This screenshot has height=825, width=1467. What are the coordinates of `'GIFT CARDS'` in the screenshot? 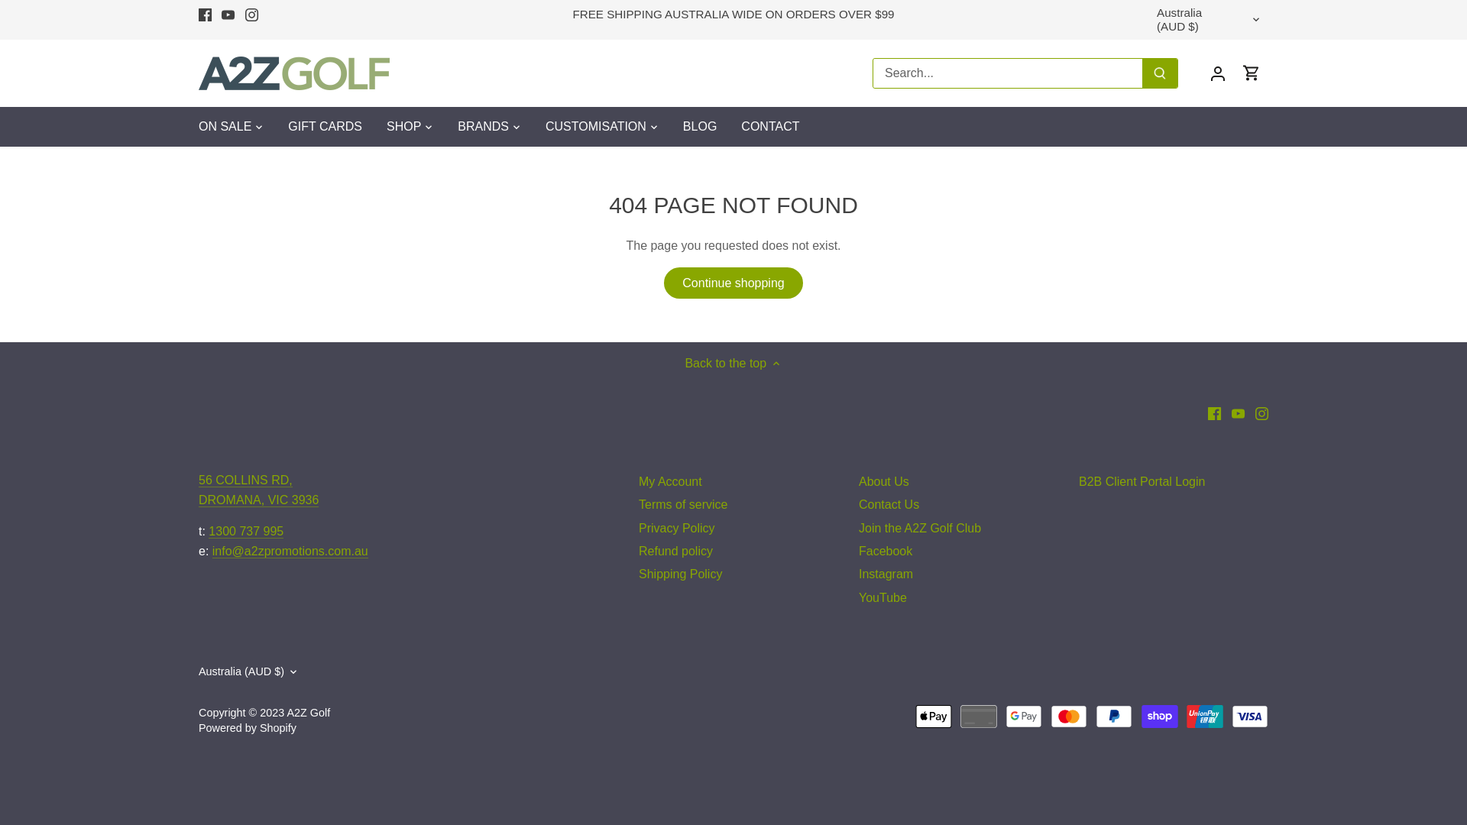 It's located at (324, 126).